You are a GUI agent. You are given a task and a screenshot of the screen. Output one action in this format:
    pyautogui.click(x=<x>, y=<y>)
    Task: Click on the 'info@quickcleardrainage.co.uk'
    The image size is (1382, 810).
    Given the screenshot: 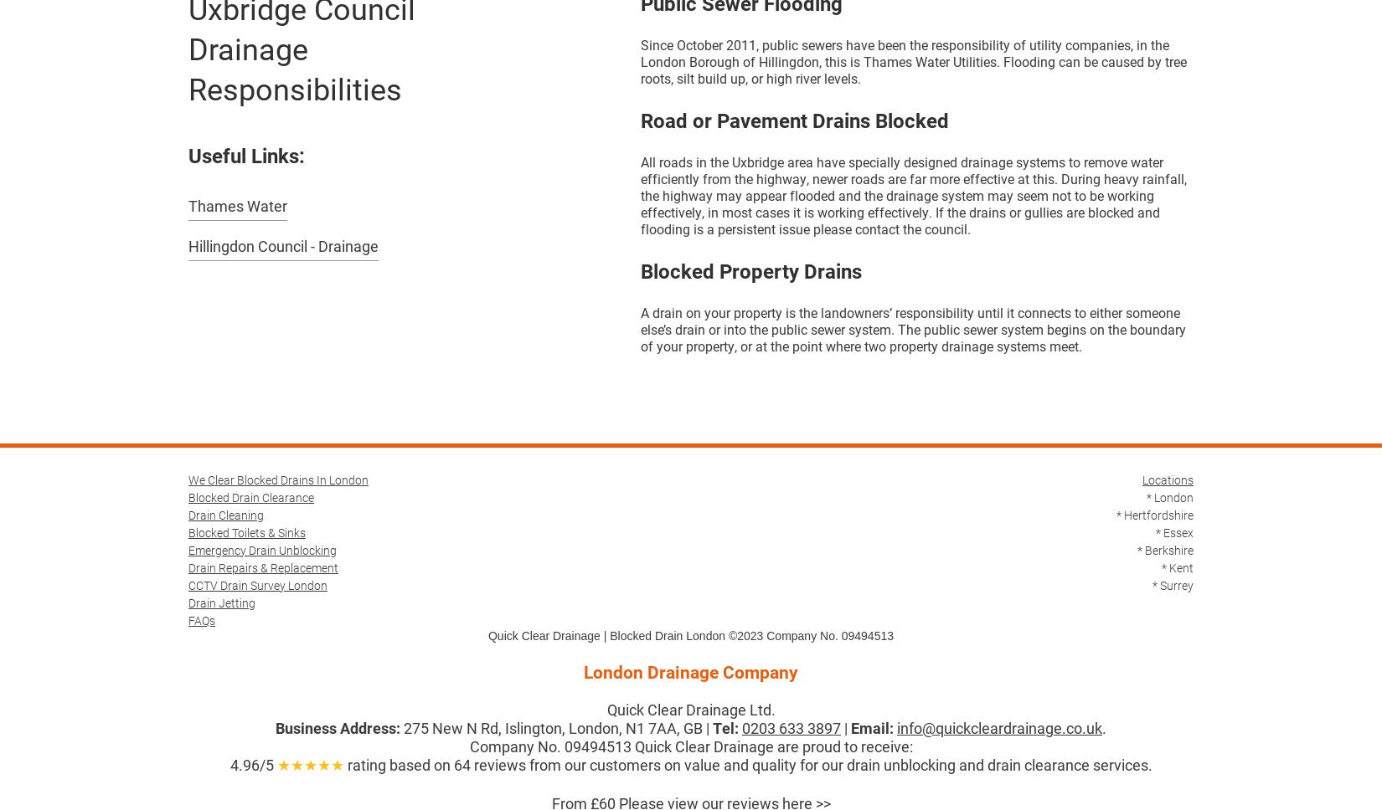 What is the action you would take?
    pyautogui.click(x=897, y=727)
    